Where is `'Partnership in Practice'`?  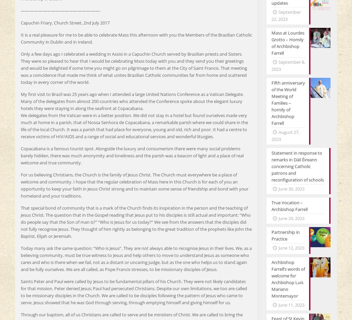 'Partnership in Practice' is located at coordinates (285, 235).